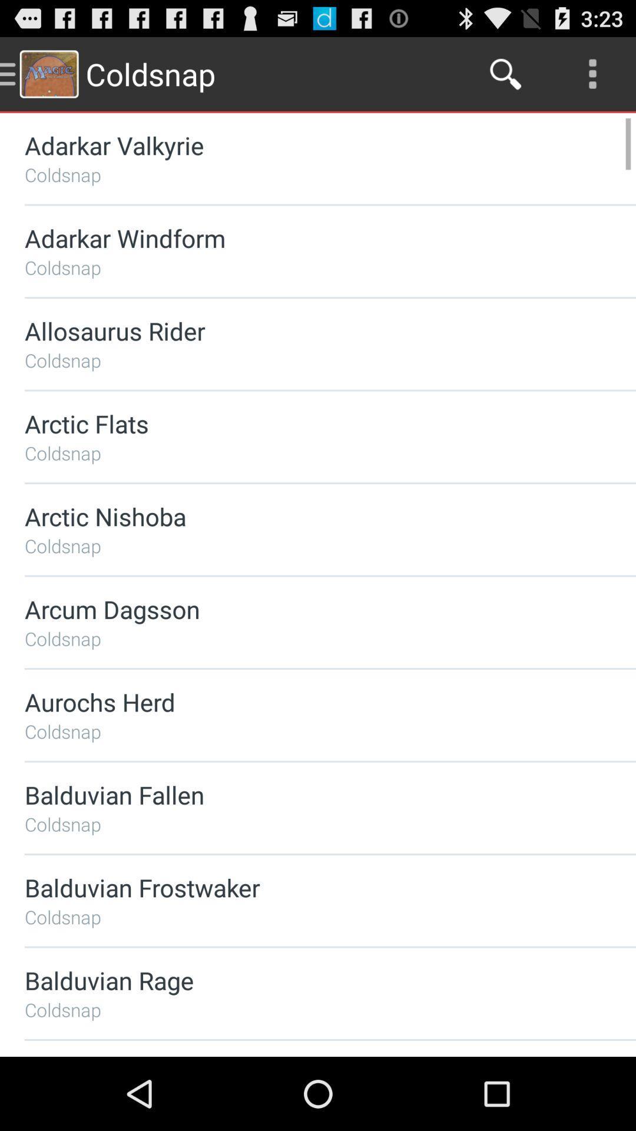  I want to click on the balduvian rage item, so click(299, 980).